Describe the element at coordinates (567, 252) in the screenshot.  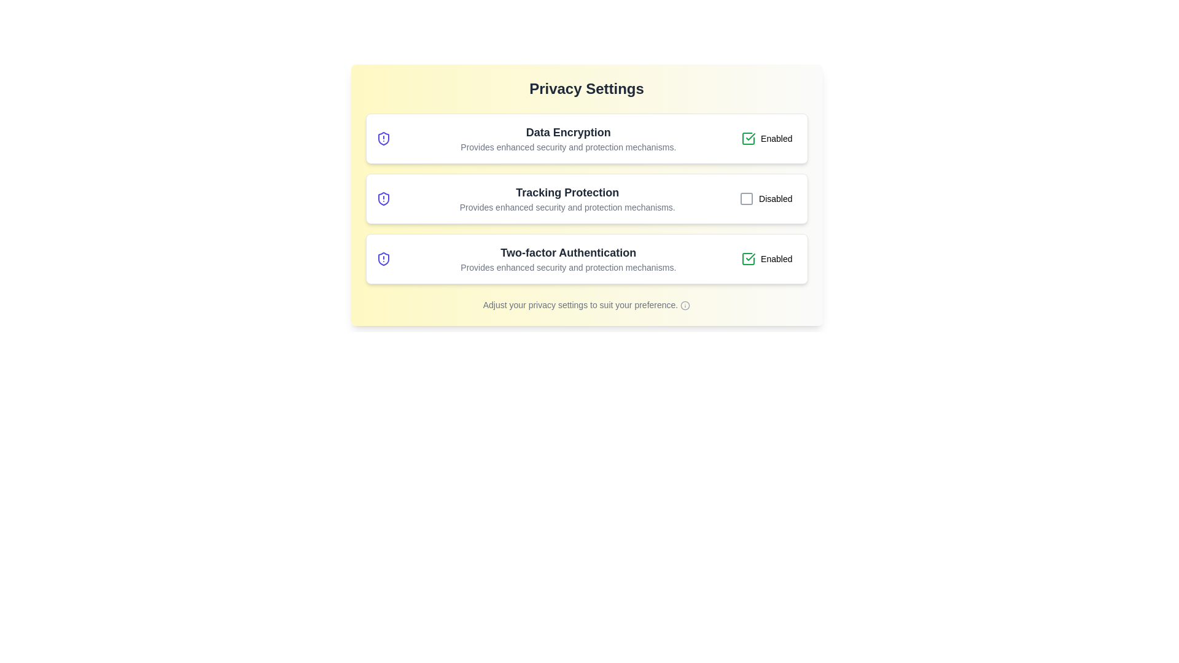
I see `the bolded label stating 'Two-factor Authentication' located in the Privacy Settings interface` at that location.